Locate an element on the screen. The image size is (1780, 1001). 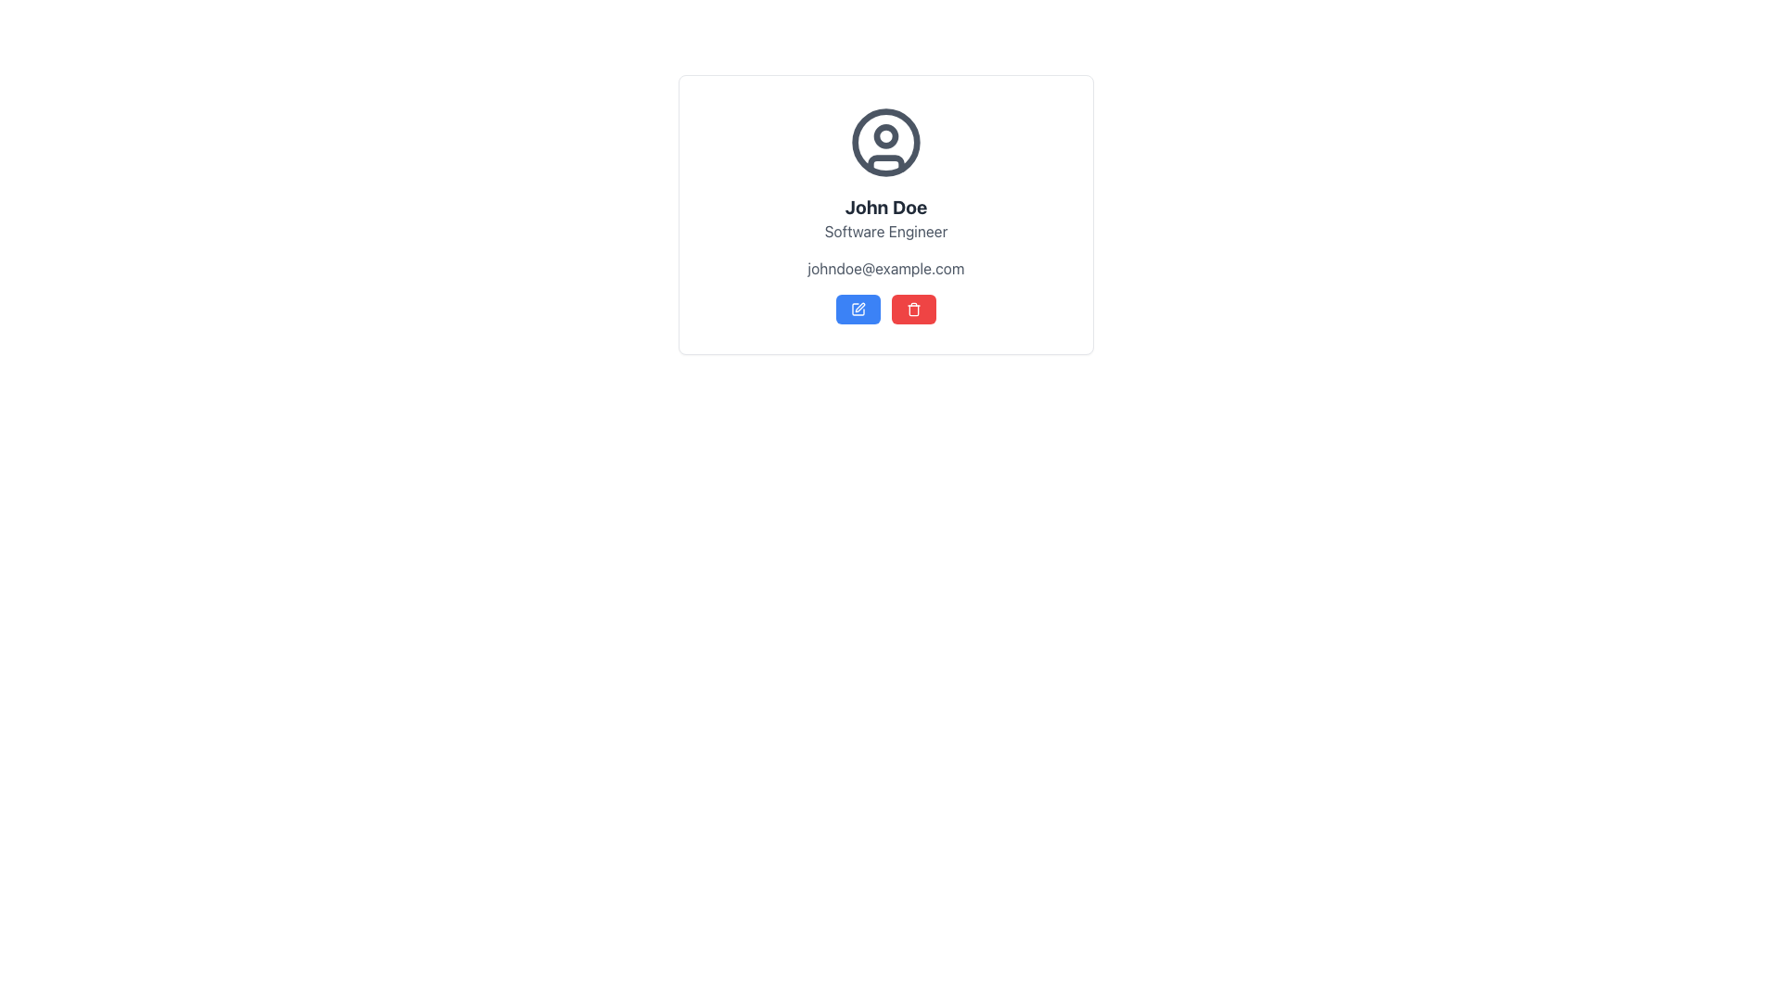
the small red icon resembling a torso positioned at the bottom of the user's profile picture graphic is located at coordinates (884, 162).